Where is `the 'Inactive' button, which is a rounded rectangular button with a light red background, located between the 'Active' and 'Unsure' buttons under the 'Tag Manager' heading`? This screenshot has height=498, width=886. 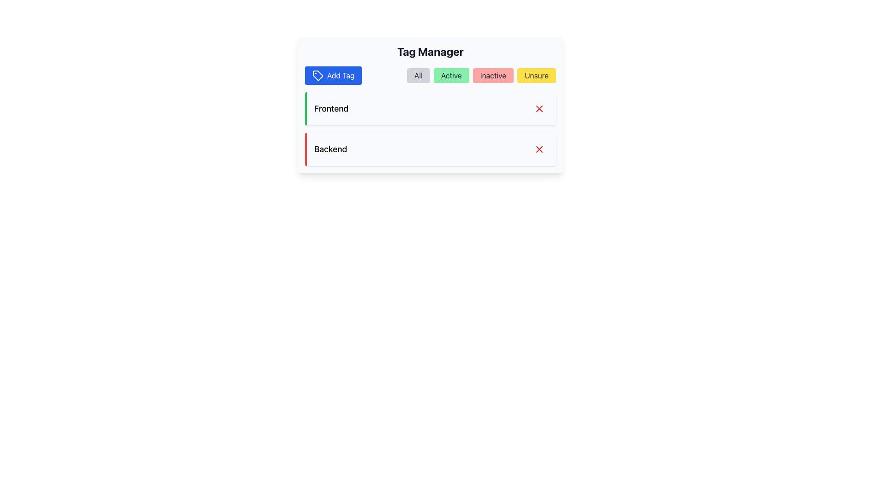
the 'Inactive' button, which is a rounded rectangular button with a light red background, located between the 'Active' and 'Unsure' buttons under the 'Tag Manager' heading is located at coordinates (492, 75).